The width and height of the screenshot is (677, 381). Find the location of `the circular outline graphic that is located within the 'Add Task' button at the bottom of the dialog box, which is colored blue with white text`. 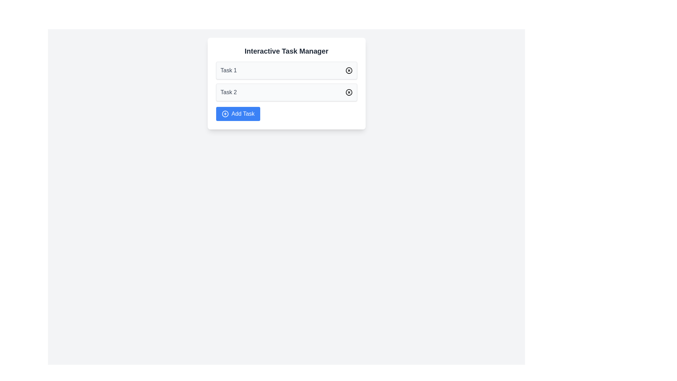

the circular outline graphic that is located within the 'Add Task' button at the bottom of the dialog box, which is colored blue with white text is located at coordinates (225, 114).